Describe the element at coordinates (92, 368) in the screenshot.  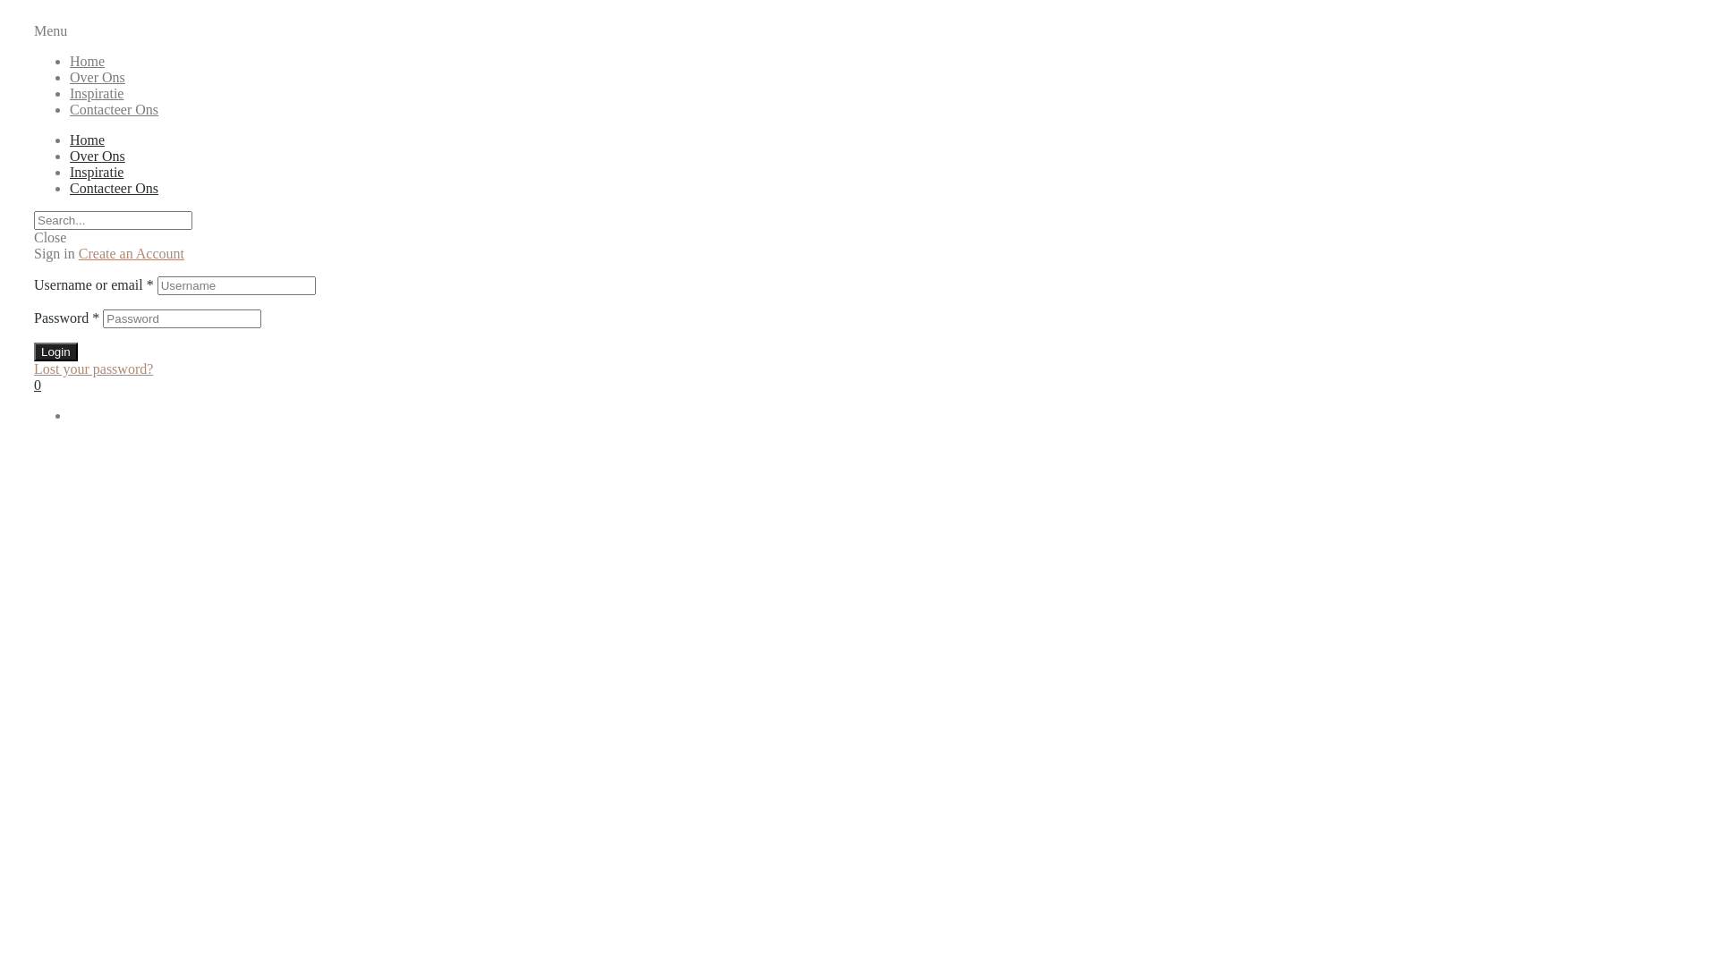
I see `'Lost your password?'` at that location.